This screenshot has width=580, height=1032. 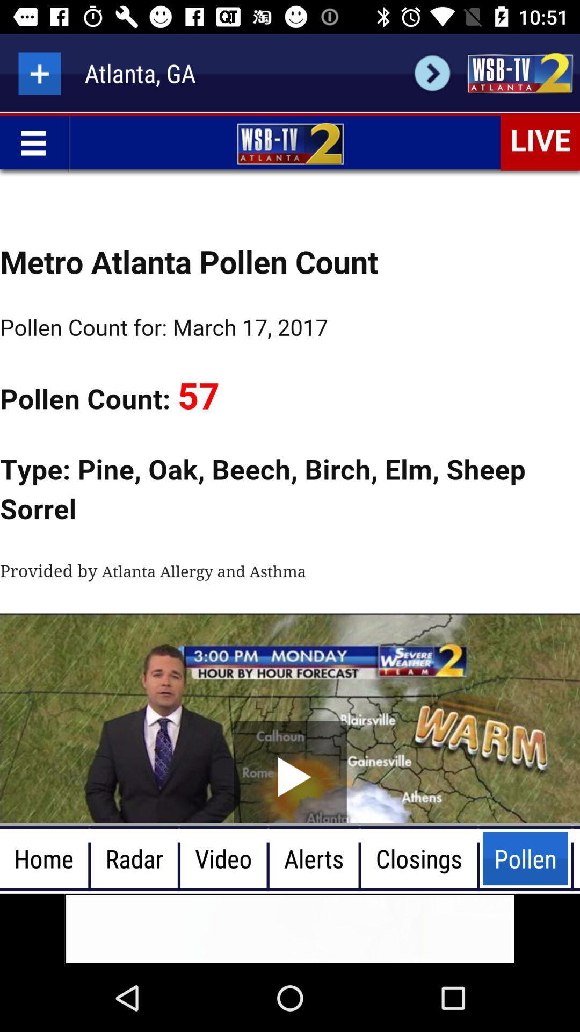 I want to click on the arrow_forward icon, so click(x=432, y=73).